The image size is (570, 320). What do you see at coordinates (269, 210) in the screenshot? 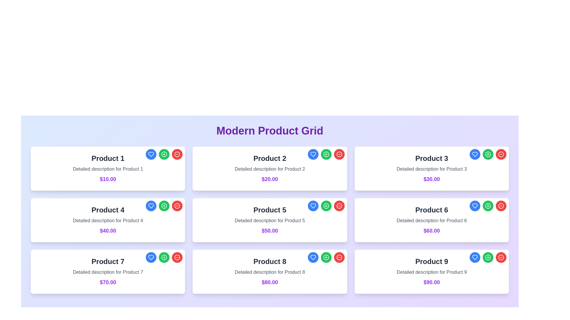
I see `product name displayed in the text label, which serves as the header in the product card located in the second row and second column of the grid` at bounding box center [269, 210].